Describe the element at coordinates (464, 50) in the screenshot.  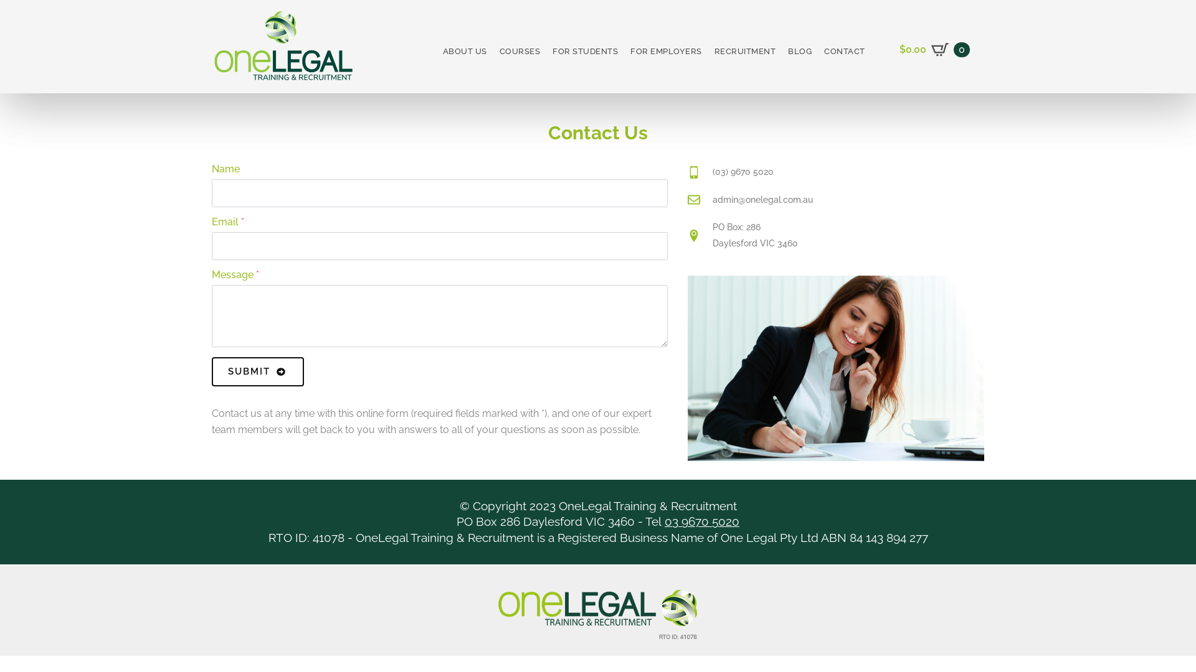
I see `'ABOUT US'` at that location.